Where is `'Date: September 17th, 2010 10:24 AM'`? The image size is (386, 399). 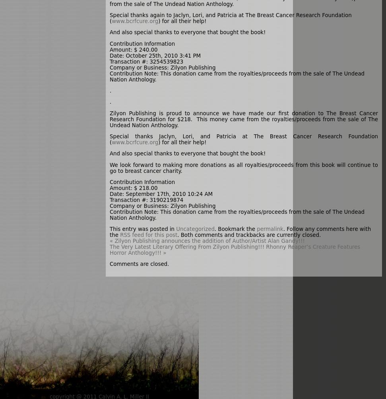
'Date: September 17th, 2010 10:24 AM' is located at coordinates (161, 193).